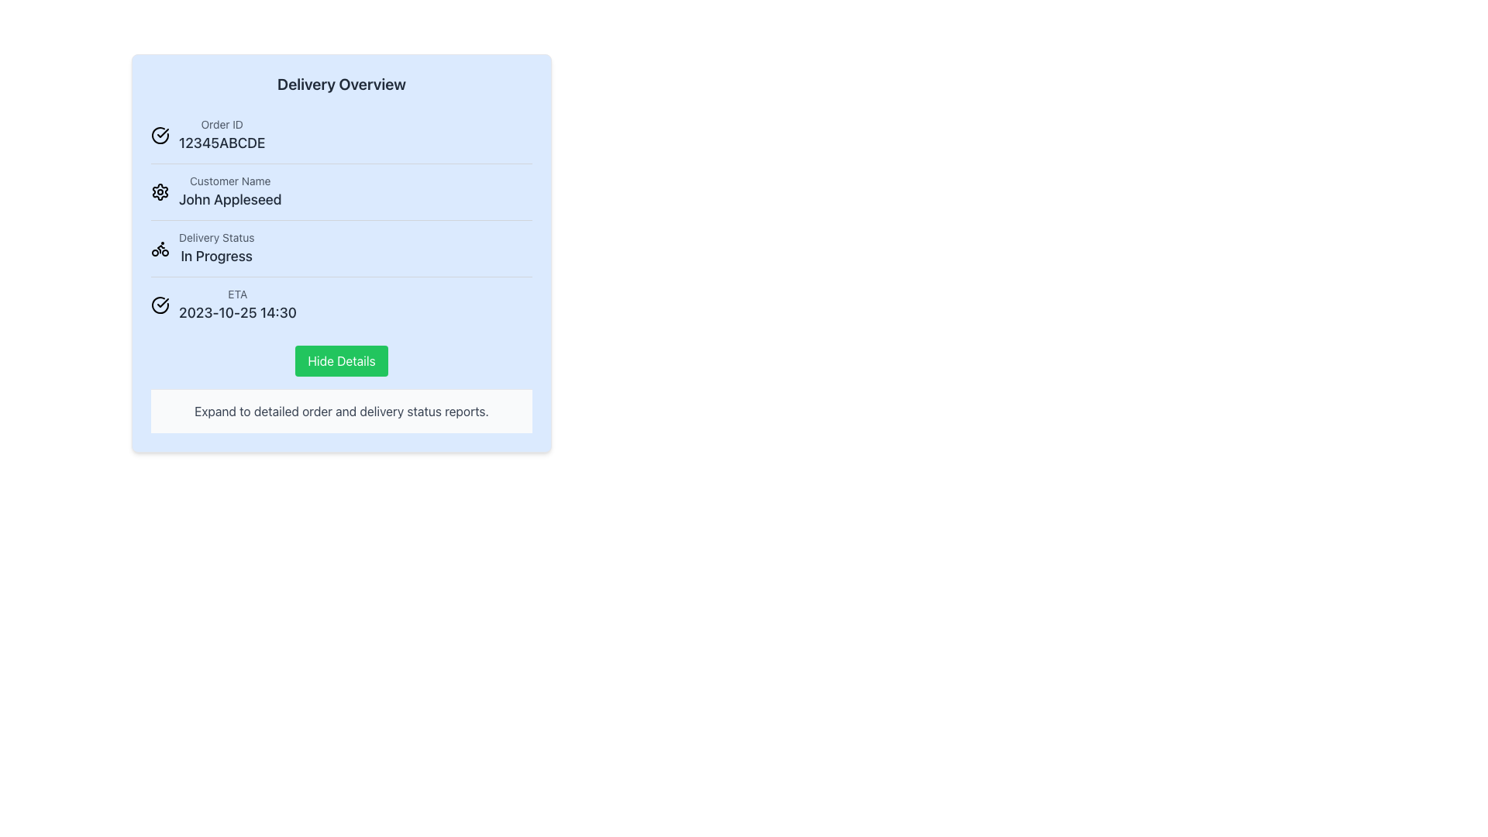 This screenshot has height=837, width=1488. I want to click on the ETA status icon located on the left side of the segment labeled 'ETA', adjacent to the timestamp '2023-10-25 14:30', so click(160, 305).